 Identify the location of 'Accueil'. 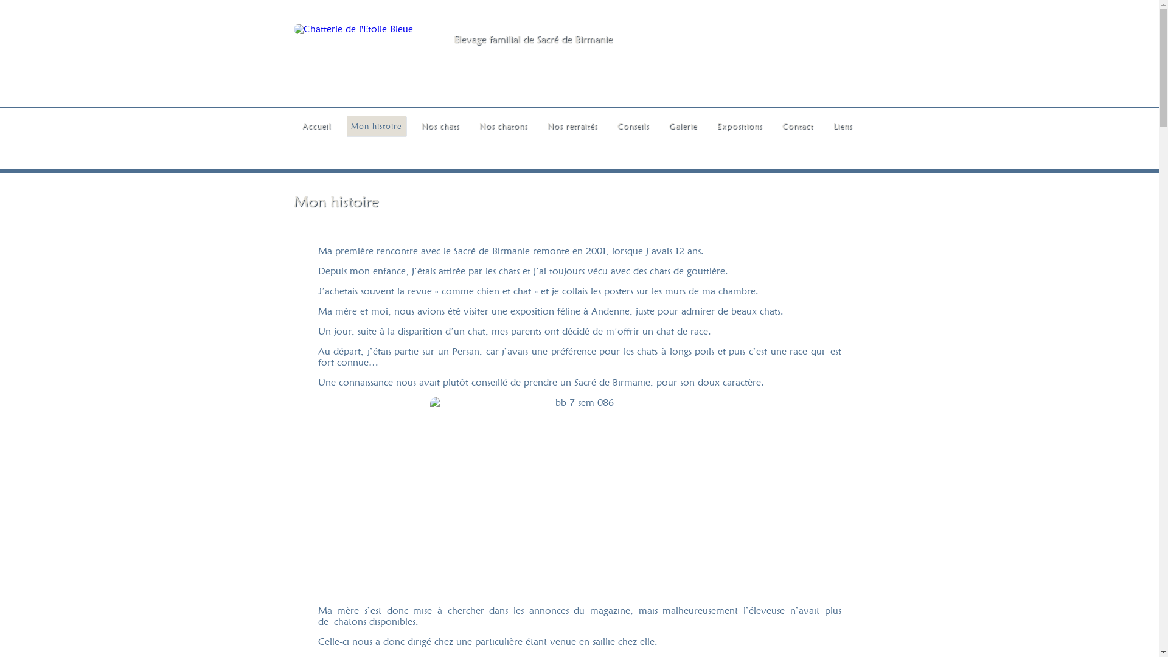
(316, 126).